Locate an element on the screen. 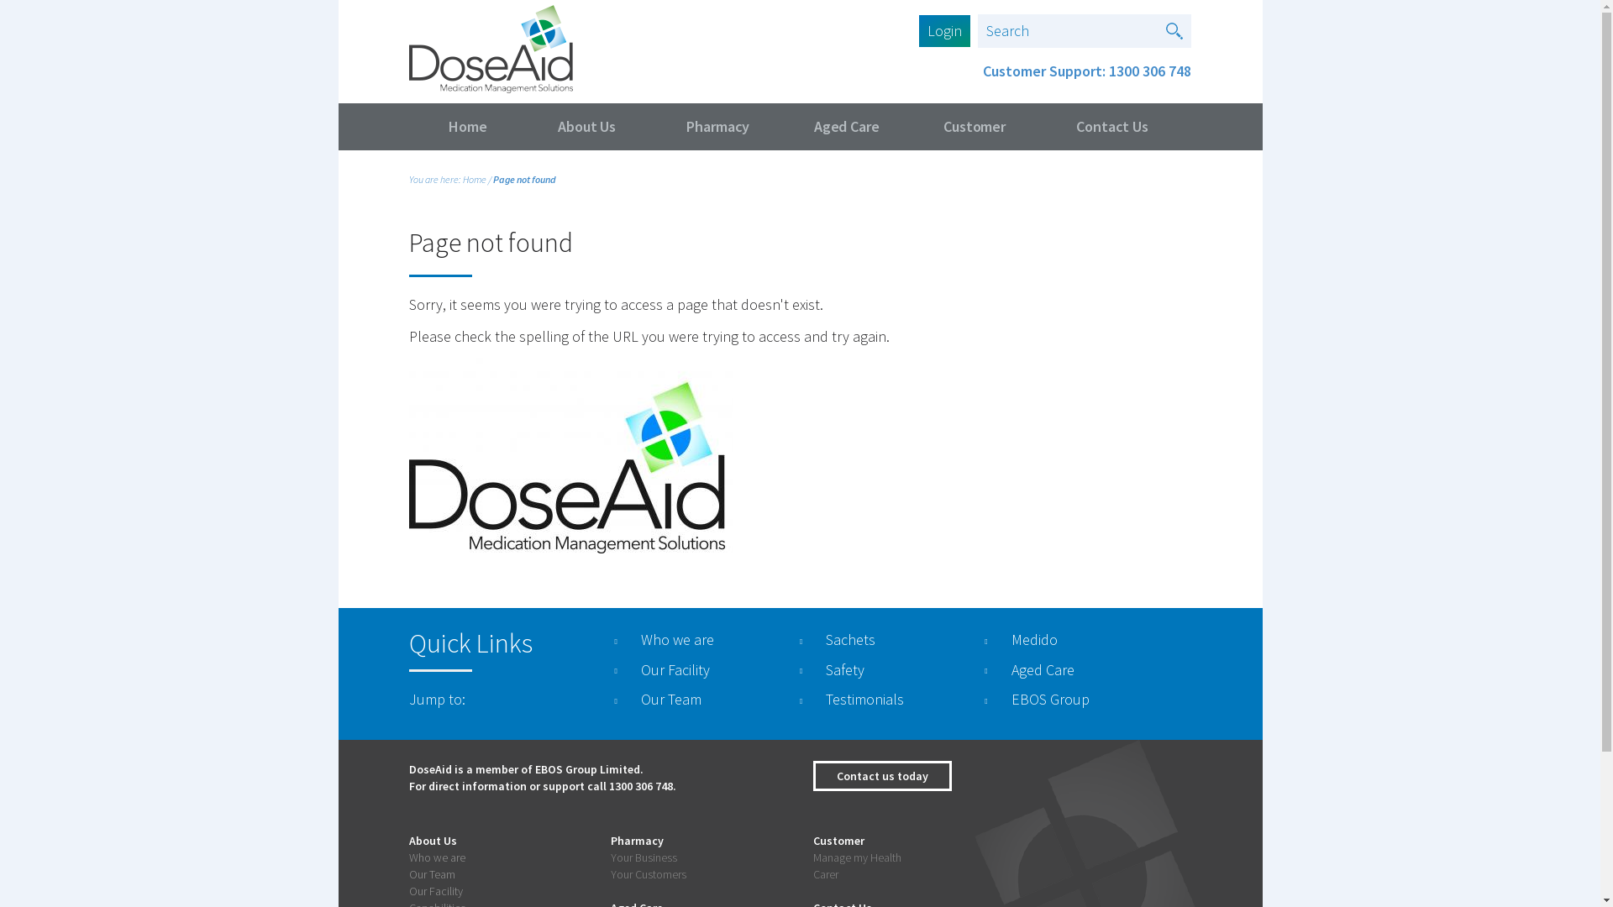 The image size is (1613, 907). '00 306 748' is located at coordinates (644, 786).